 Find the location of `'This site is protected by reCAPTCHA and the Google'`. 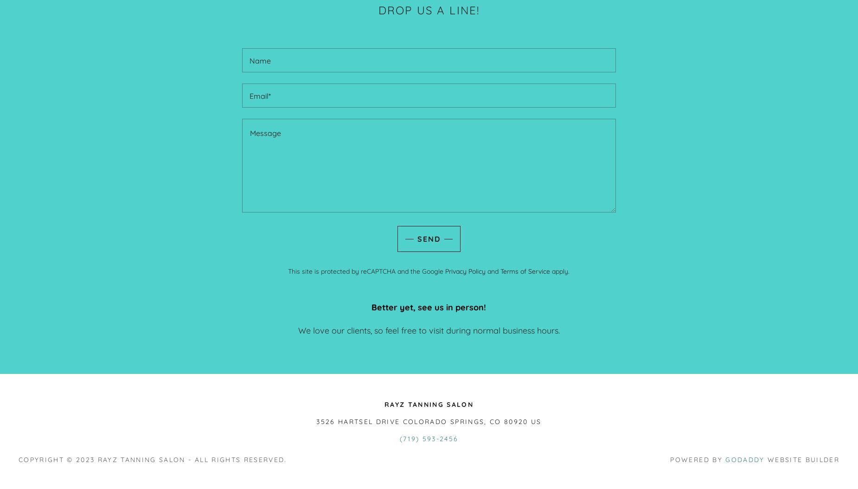

'This site is protected by reCAPTCHA and the Google' is located at coordinates (366, 270).